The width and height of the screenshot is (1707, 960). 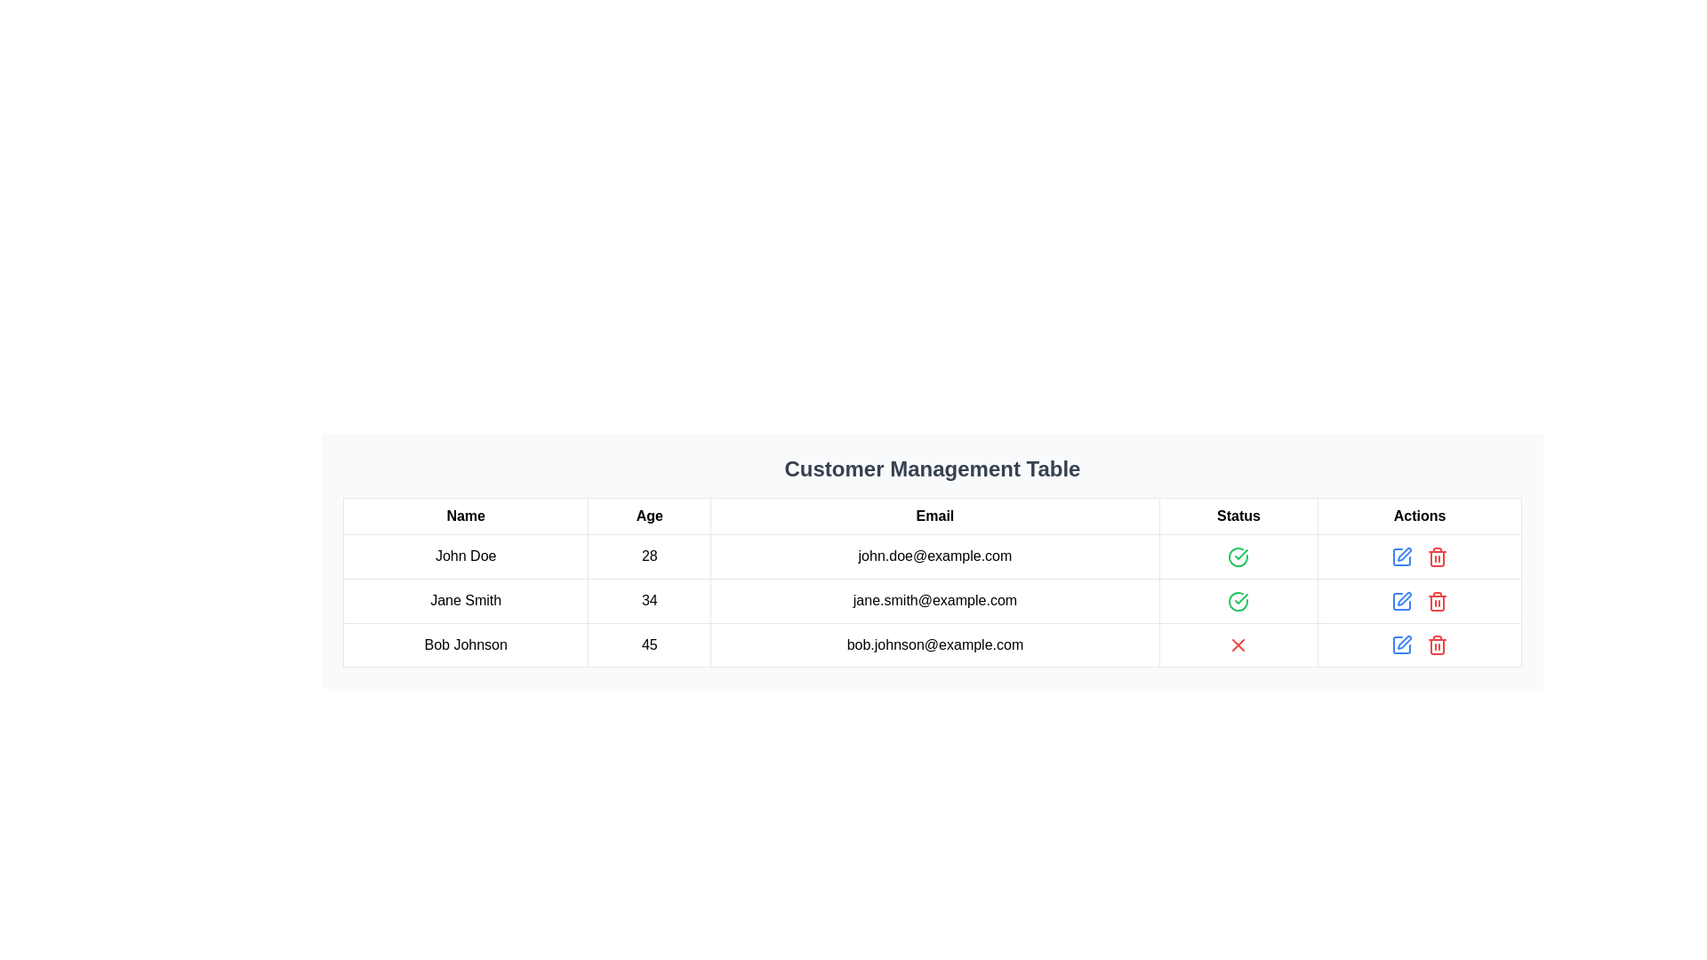 I want to click on the 'Name' column header in the table, which is the first column on the far left among the headers 'Age', 'Email', 'Status', and 'Actions', so click(x=466, y=516).